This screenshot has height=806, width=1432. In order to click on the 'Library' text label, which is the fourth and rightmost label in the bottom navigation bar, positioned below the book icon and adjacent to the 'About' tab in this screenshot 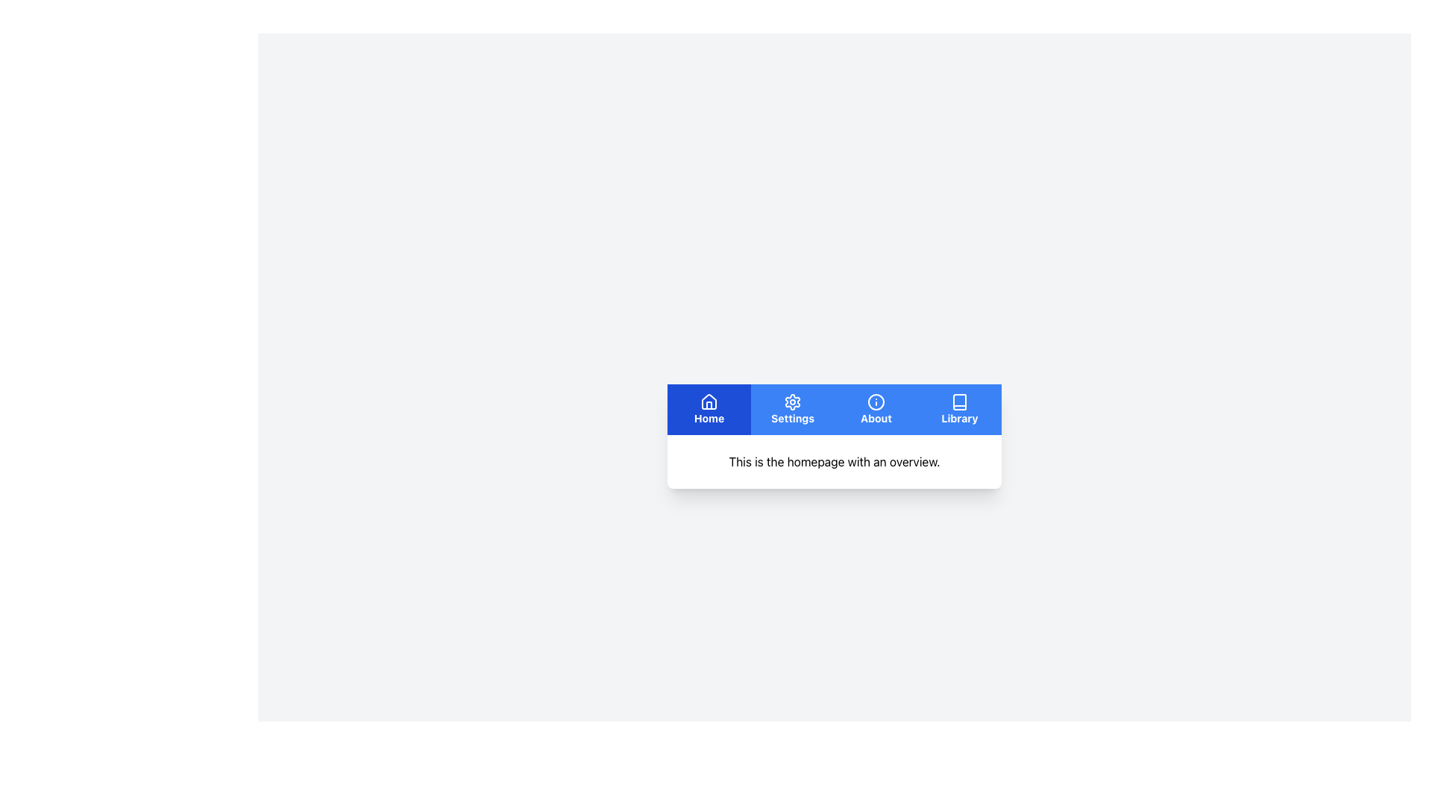, I will do `click(959, 418)`.